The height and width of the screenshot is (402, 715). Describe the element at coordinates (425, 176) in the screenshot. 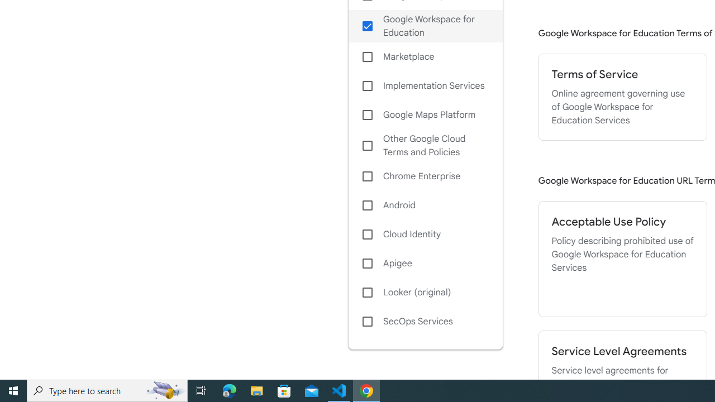

I see `'Chrome Enterprise'` at that location.